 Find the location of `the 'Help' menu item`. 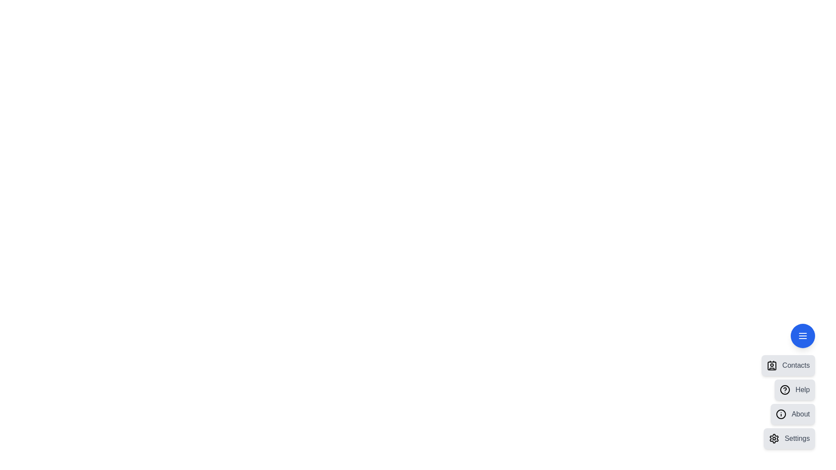

the 'Help' menu item is located at coordinates (794, 389).